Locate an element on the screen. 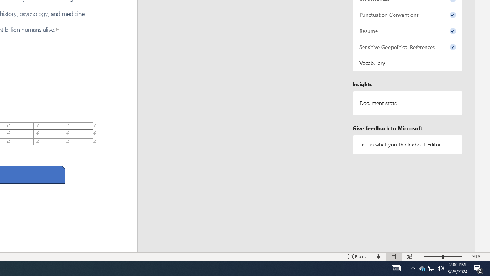 The height and width of the screenshot is (276, 490). 'Print Layout' is located at coordinates (394, 256).